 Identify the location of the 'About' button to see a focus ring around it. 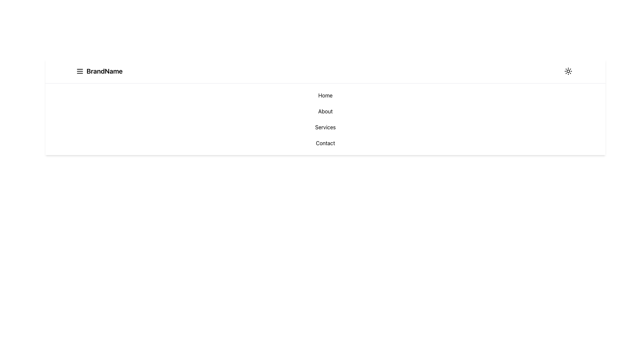
(325, 111).